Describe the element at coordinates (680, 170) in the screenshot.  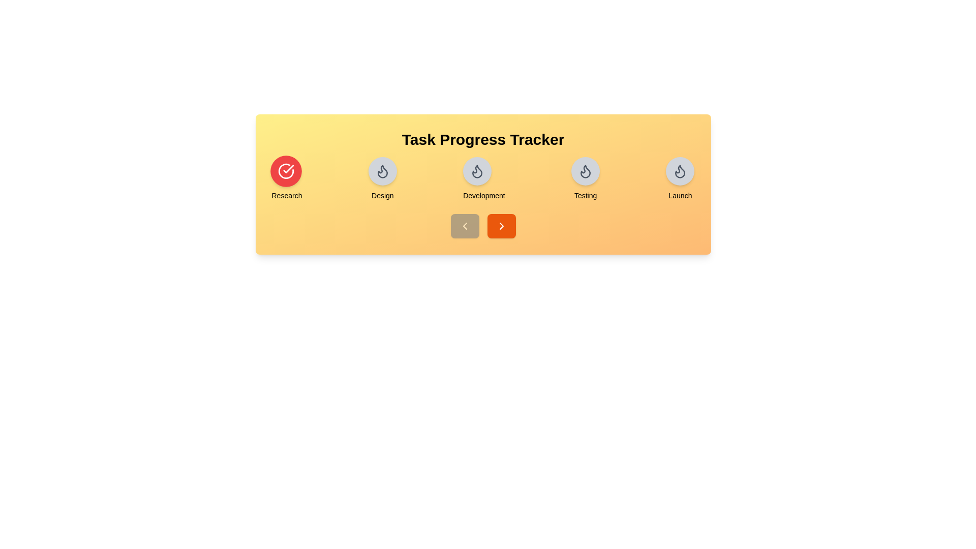
I see `the flame icon representing the 'Launch' stage in the task progress tracker, located under the label 'Launch' and positioned on the rightmost side of a row of circular icons` at that location.